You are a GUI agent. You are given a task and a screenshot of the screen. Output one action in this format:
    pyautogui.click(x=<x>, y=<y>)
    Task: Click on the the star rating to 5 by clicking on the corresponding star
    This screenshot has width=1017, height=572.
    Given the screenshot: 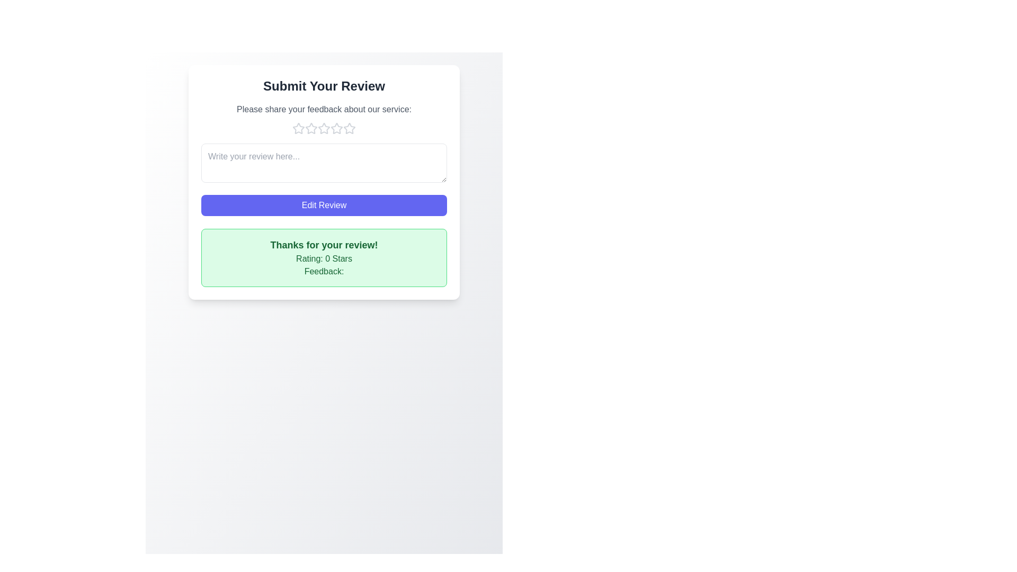 What is the action you would take?
    pyautogui.click(x=350, y=128)
    